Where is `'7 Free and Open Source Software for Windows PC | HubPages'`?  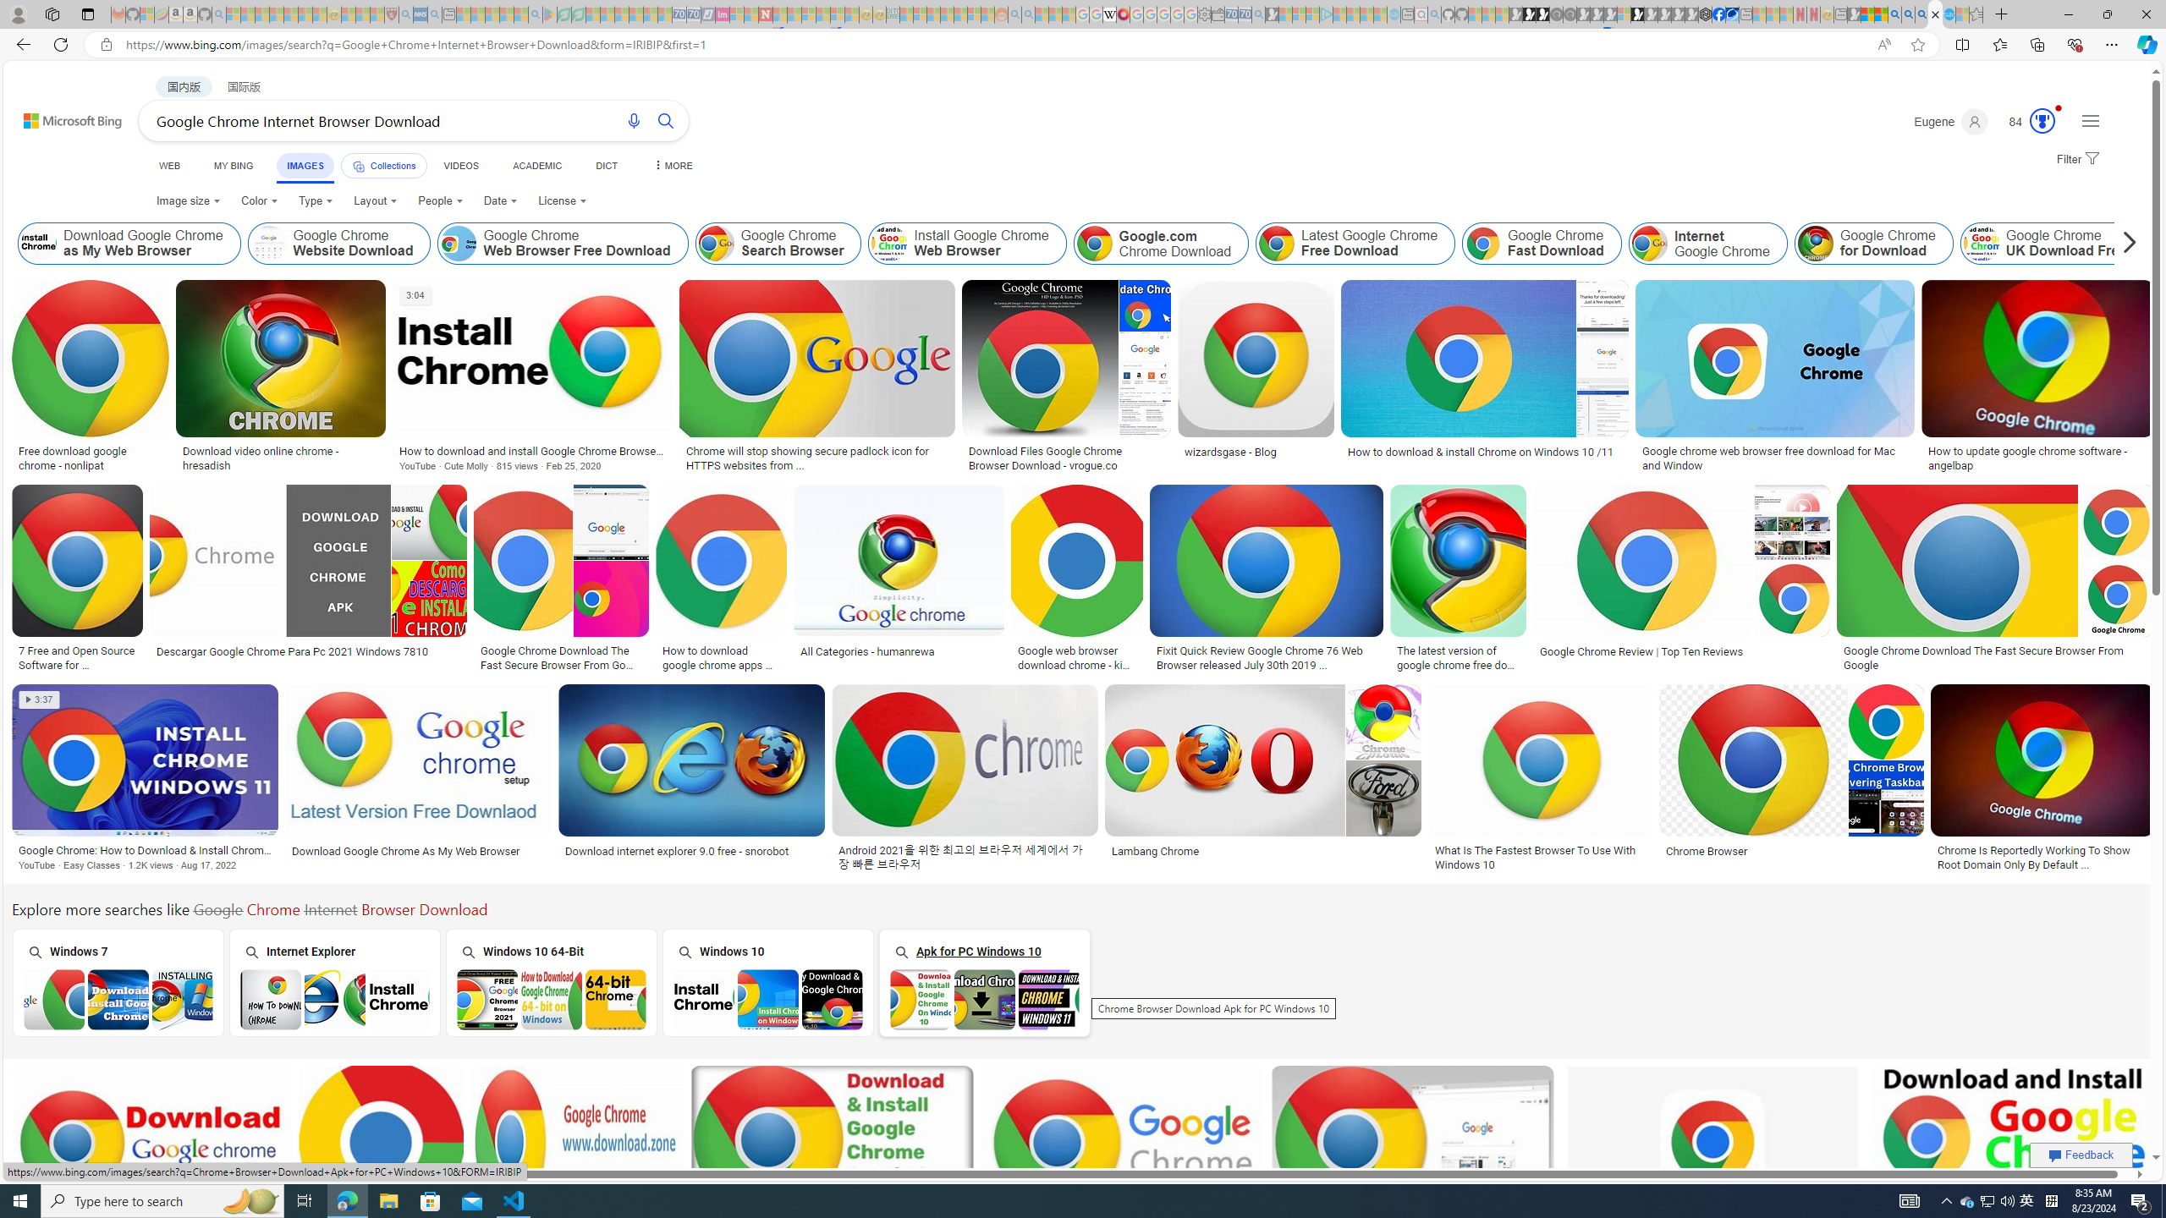 '7 Free and Open Source Software for Windows PC | HubPages' is located at coordinates (75, 656).